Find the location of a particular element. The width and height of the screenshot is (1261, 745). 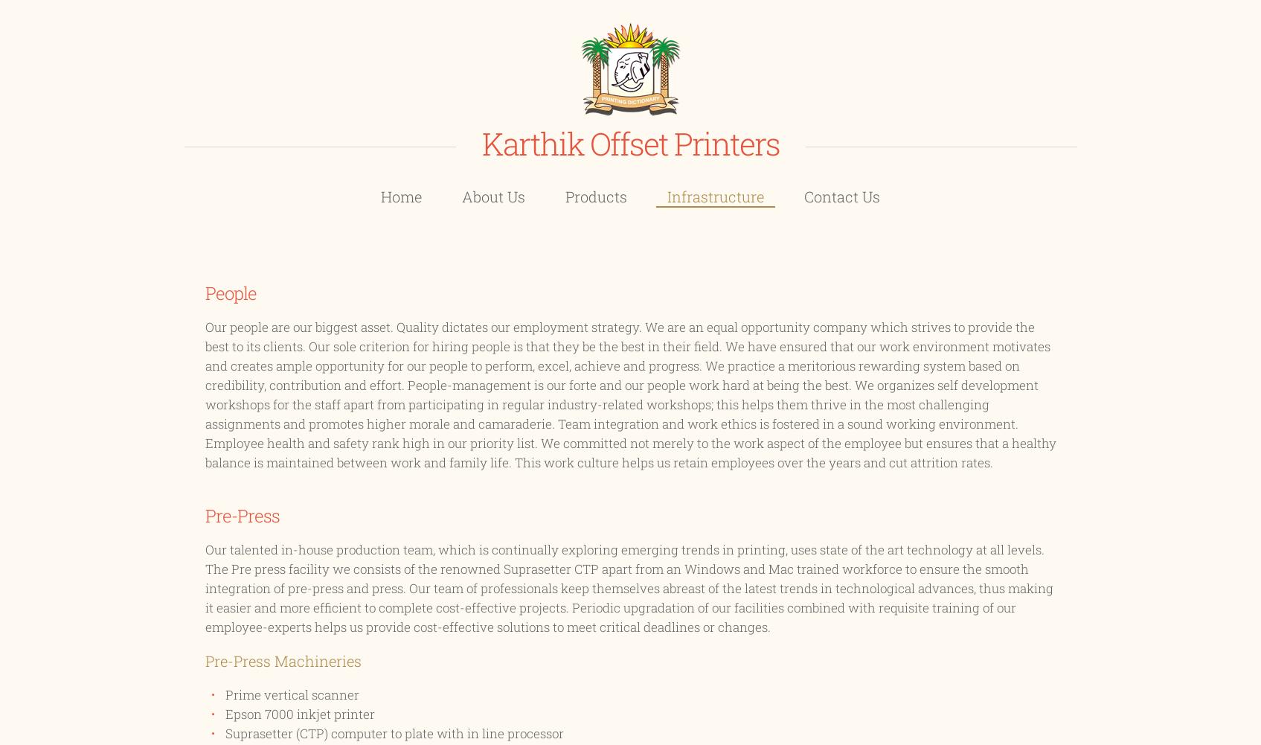

'Pre-Press' is located at coordinates (241, 514).